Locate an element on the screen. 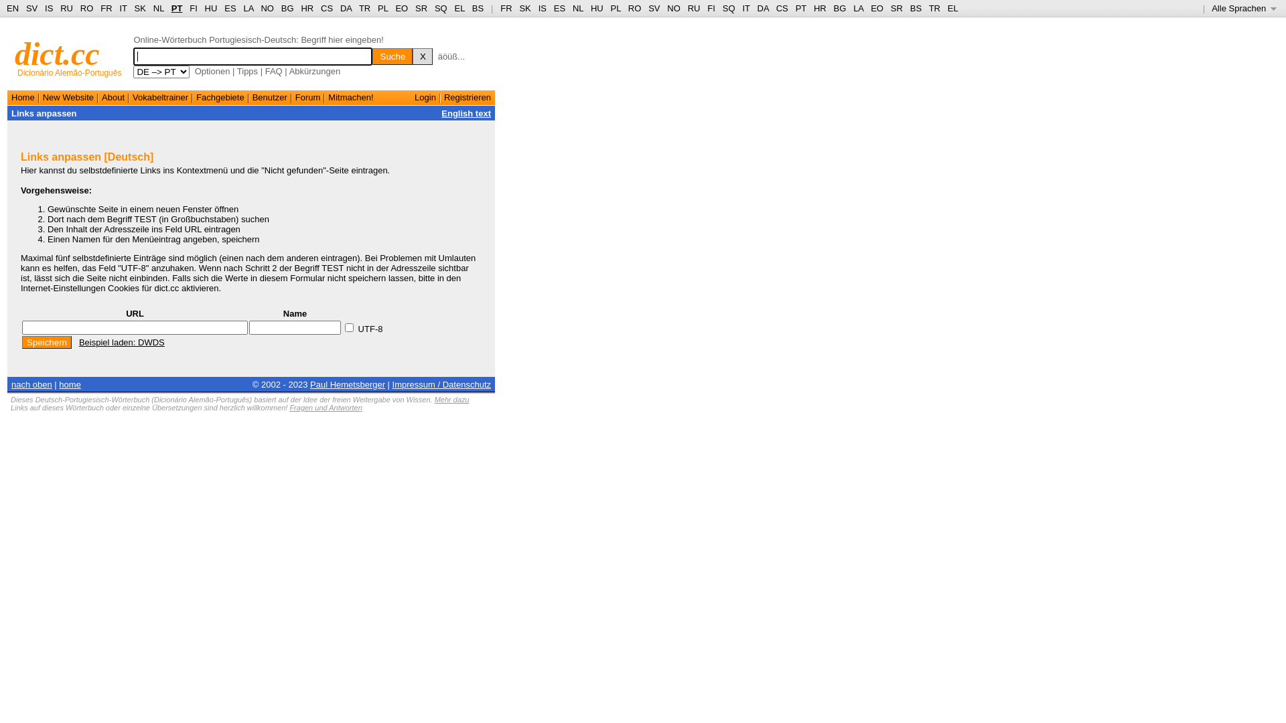 The image size is (1286, 723). 'SV' is located at coordinates (654, 8).